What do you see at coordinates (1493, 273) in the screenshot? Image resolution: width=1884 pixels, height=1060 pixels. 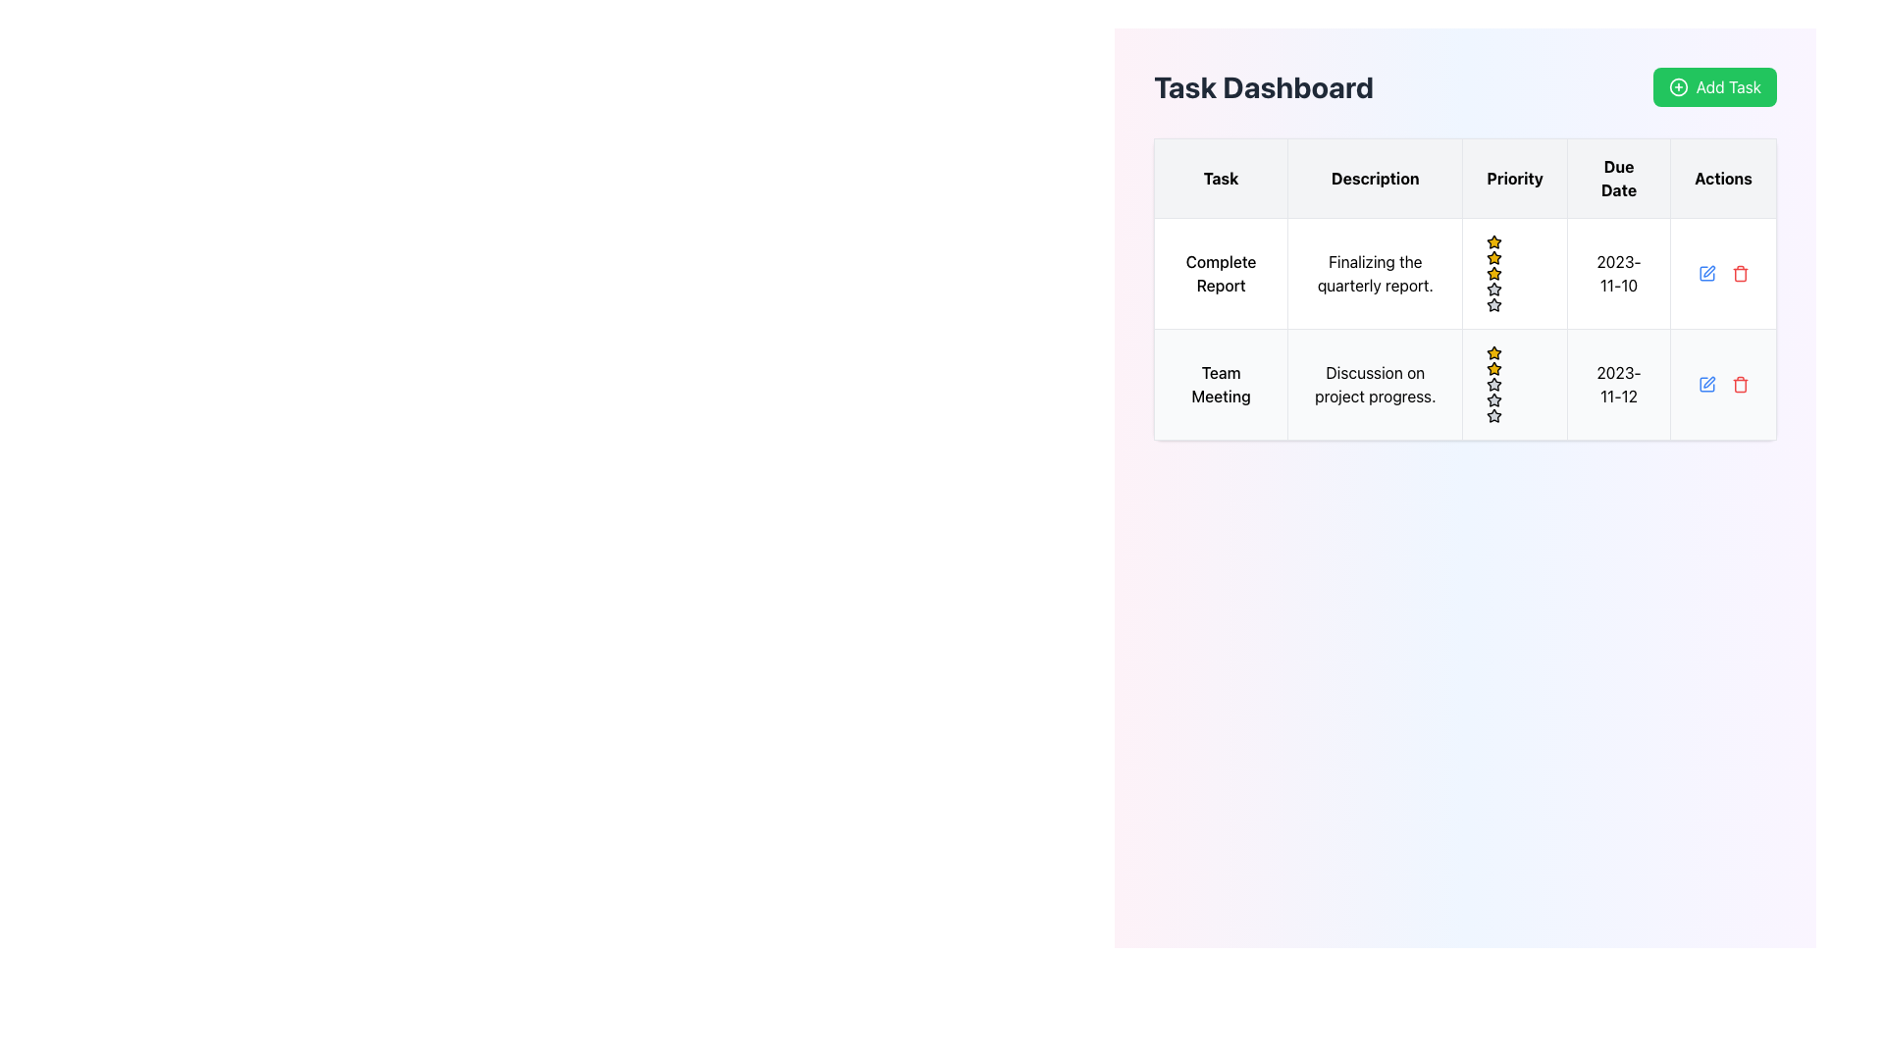 I see `the fifth rating star icon in the 'Priority' column for the 'Complete Report' task row` at bounding box center [1493, 273].